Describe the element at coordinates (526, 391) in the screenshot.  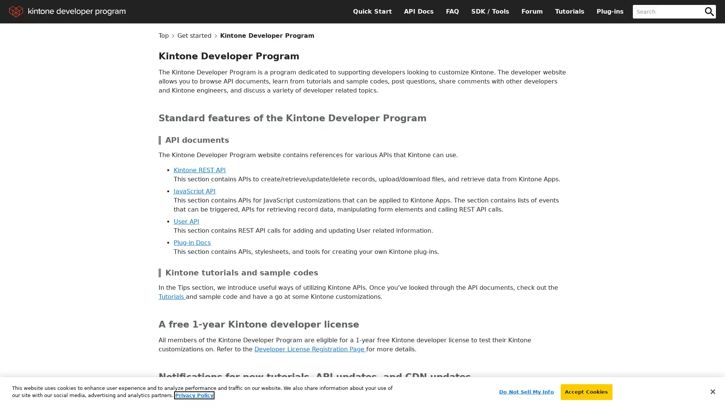
I see `Do Not Sell My Info` at that location.